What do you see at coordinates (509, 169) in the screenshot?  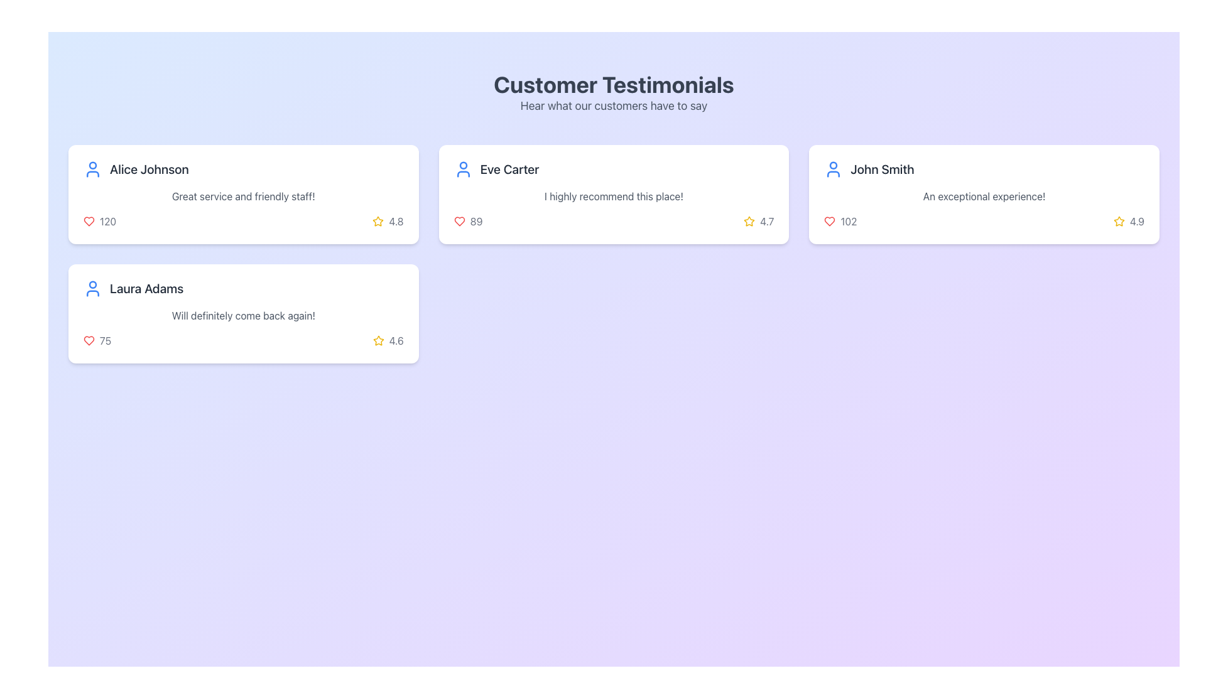 I see `text content of the Text Label displaying 'Eve Carter' in the second testimonial box, located to the right of the blue user icon` at bounding box center [509, 169].